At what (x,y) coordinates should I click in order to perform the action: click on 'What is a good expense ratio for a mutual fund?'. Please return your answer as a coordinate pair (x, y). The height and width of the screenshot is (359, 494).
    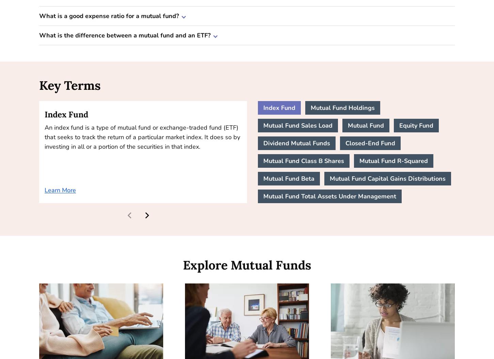
    Looking at the image, I should click on (109, 16).